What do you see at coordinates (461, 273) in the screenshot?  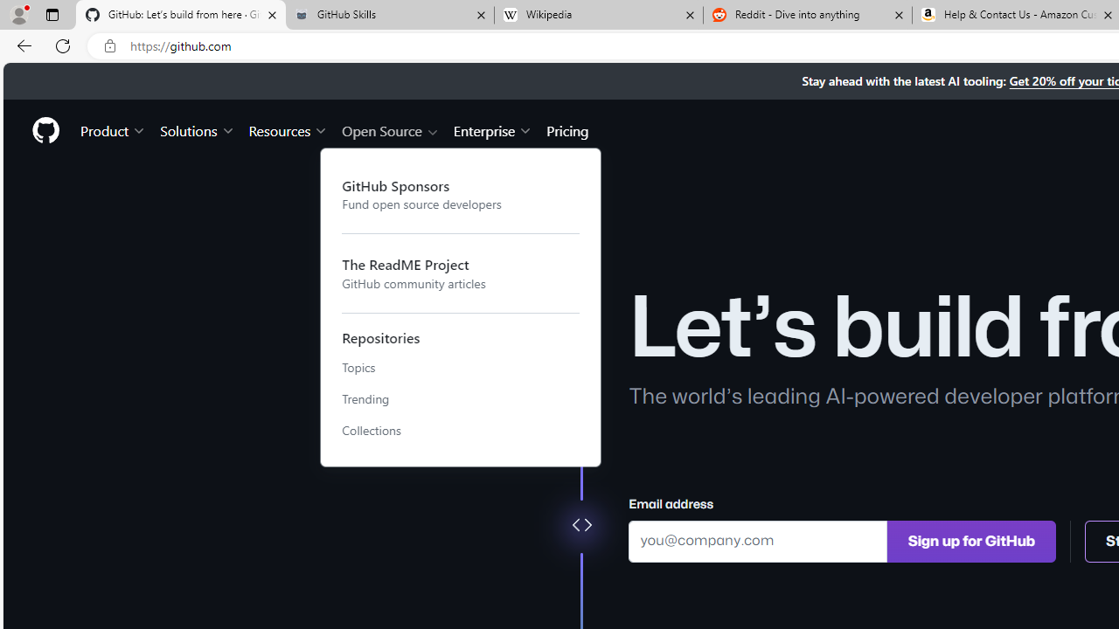 I see `'The ReadME Project GitHub community articles'` at bounding box center [461, 273].